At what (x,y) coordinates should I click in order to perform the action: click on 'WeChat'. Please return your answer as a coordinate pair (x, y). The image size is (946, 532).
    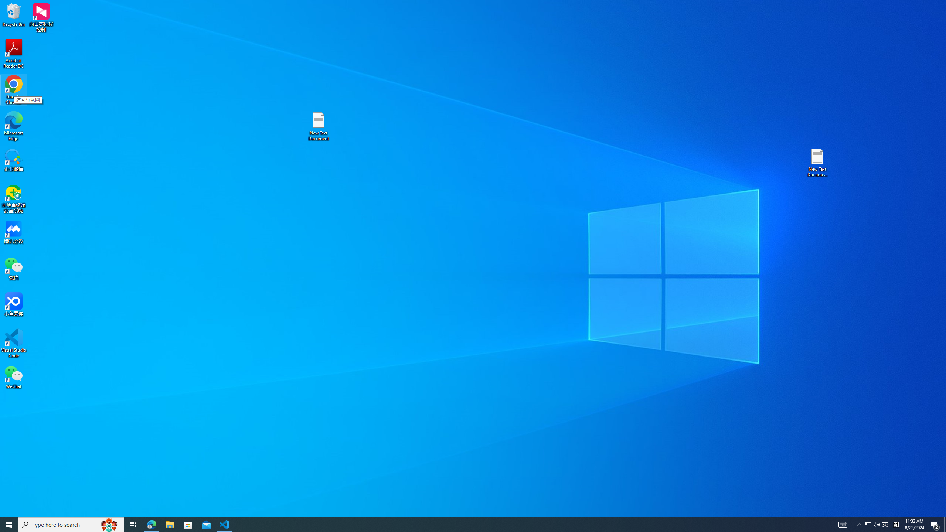
    Looking at the image, I should click on (13, 376).